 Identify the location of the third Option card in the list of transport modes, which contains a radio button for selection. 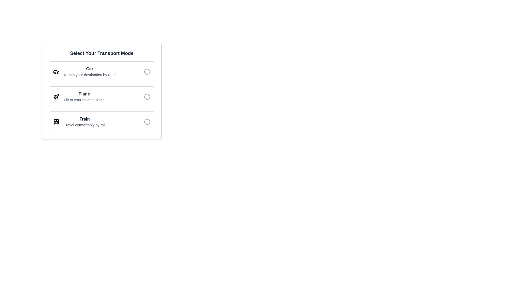
(102, 122).